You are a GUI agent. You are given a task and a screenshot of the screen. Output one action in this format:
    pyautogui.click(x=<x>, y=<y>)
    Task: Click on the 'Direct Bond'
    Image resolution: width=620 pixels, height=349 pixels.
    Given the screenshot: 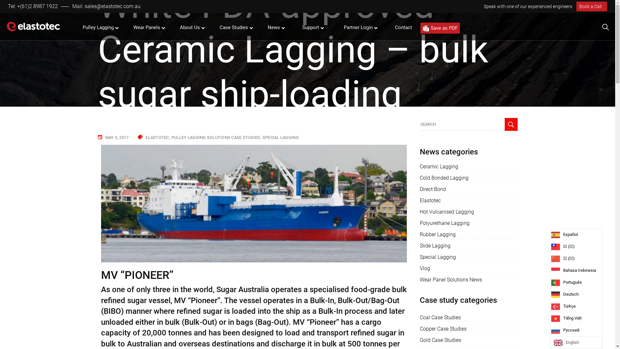 What is the action you would take?
    pyautogui.click(x=433, y=189)
    